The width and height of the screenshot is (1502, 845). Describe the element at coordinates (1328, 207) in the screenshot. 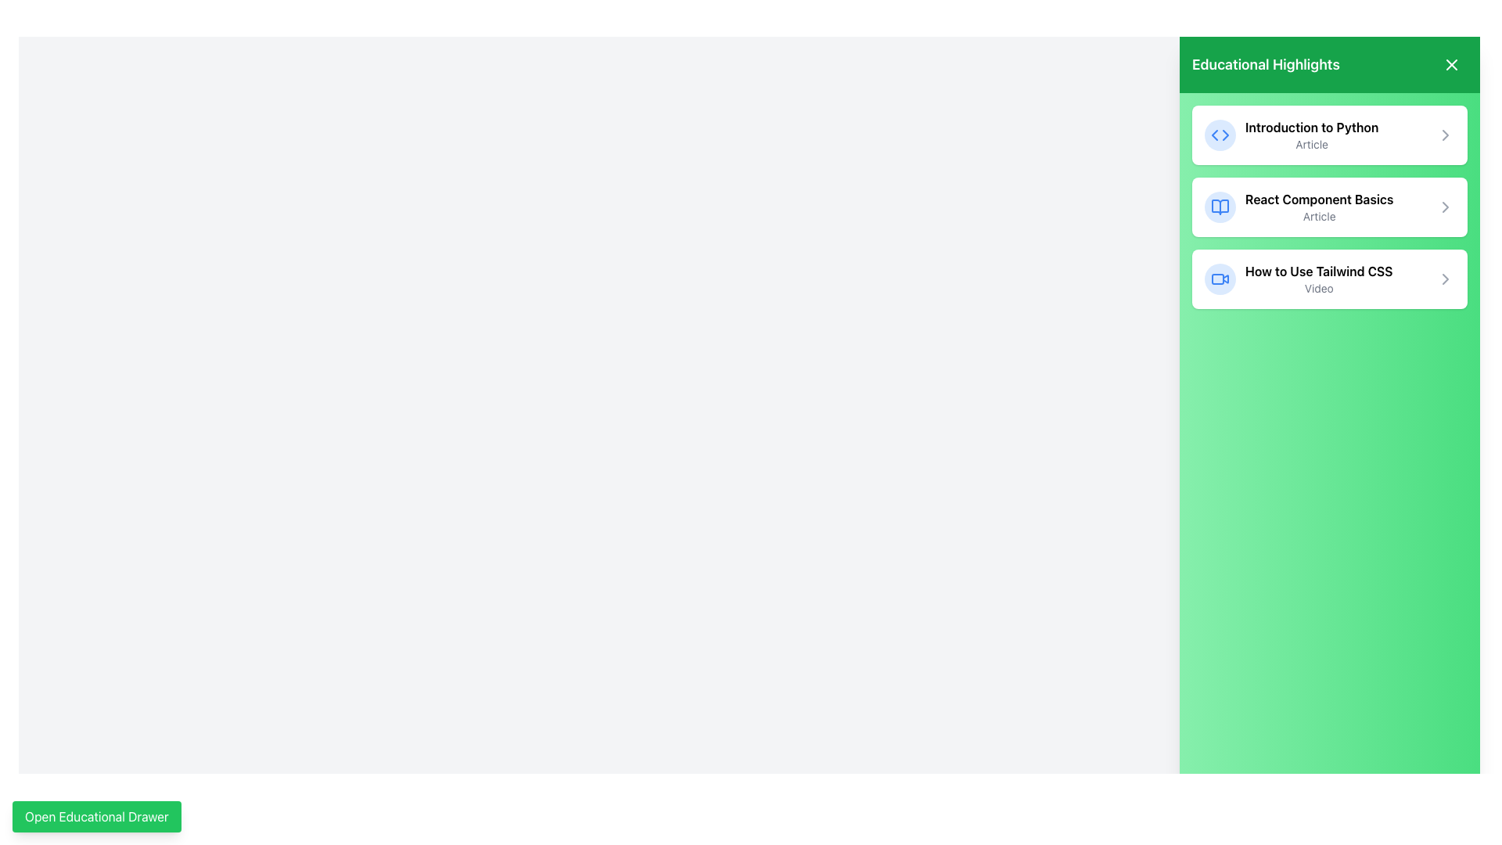

I see `the second card in the 'Educational Highlights' green panel` at that location.